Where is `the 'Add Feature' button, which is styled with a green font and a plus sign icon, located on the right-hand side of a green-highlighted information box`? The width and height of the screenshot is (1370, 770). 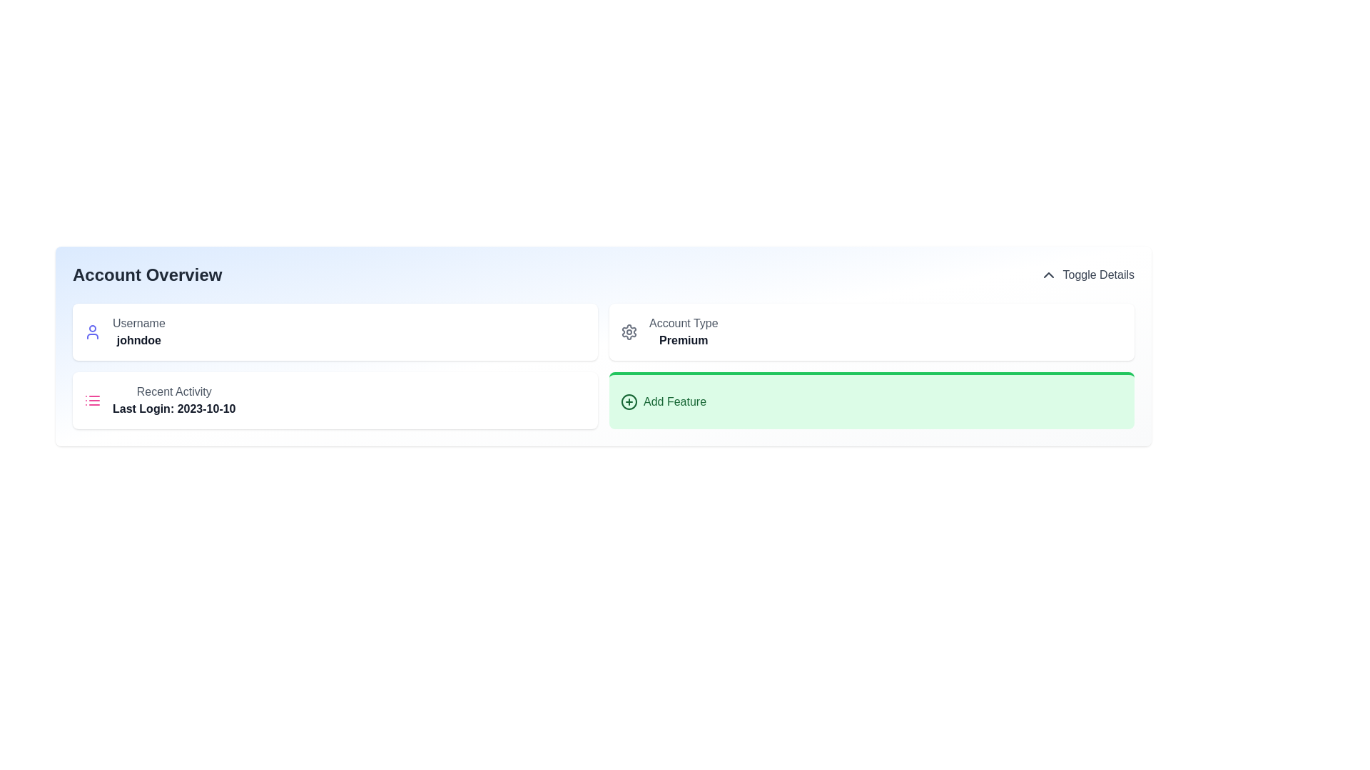
the 'Add Feature' button, which is styled with a green font and a plus sign icon, located on the right-hand side of a green-highlighted information box is located at coordinates (663, 401).